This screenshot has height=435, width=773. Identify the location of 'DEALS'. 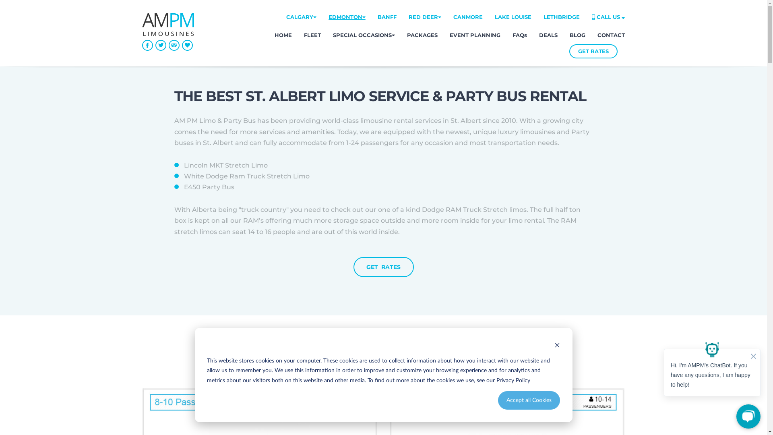
(539, 35).